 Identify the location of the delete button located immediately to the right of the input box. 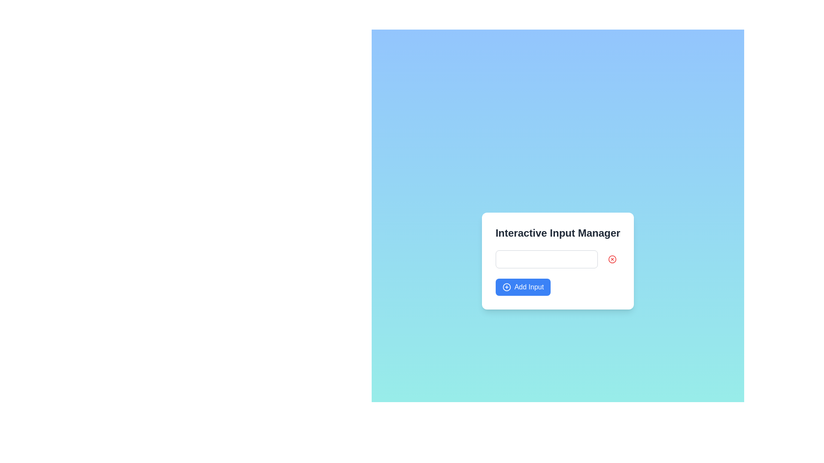
(612, 259).